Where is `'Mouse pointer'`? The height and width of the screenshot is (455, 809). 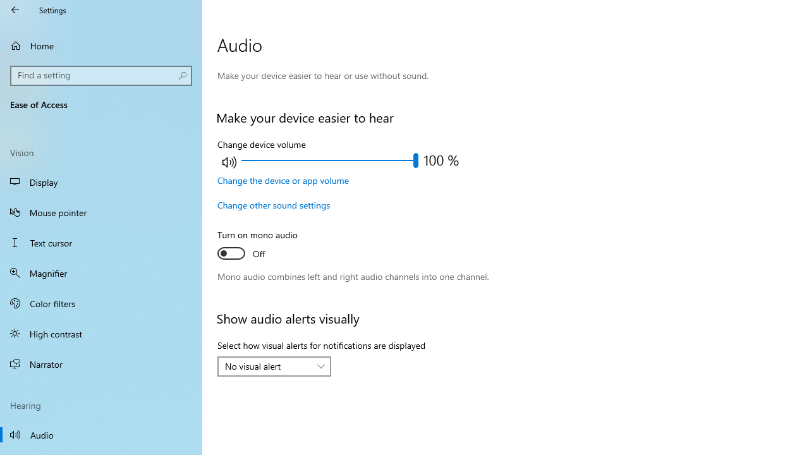 'Mouse pointer' is located at coordinates (101, 211).